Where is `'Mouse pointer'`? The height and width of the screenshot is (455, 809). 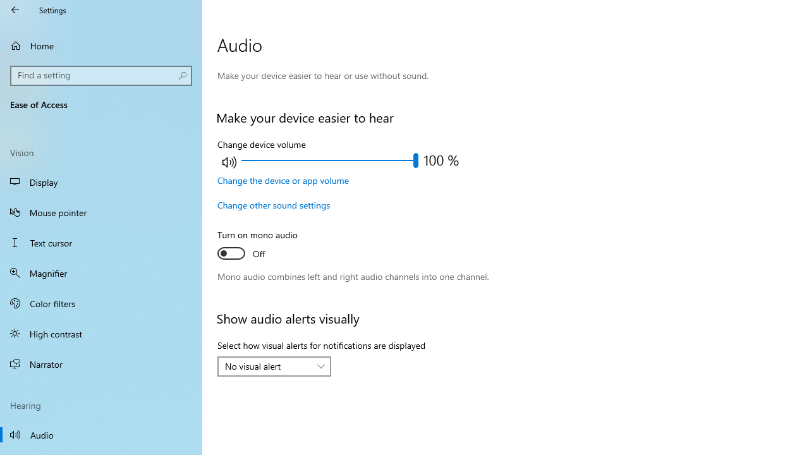 'Mouse pointer' is located at coordinates (101, 211).